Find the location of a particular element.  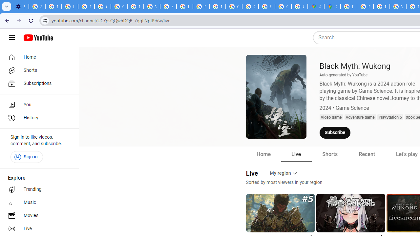

'Settings - On startup' is located at coordinates (20, 7).